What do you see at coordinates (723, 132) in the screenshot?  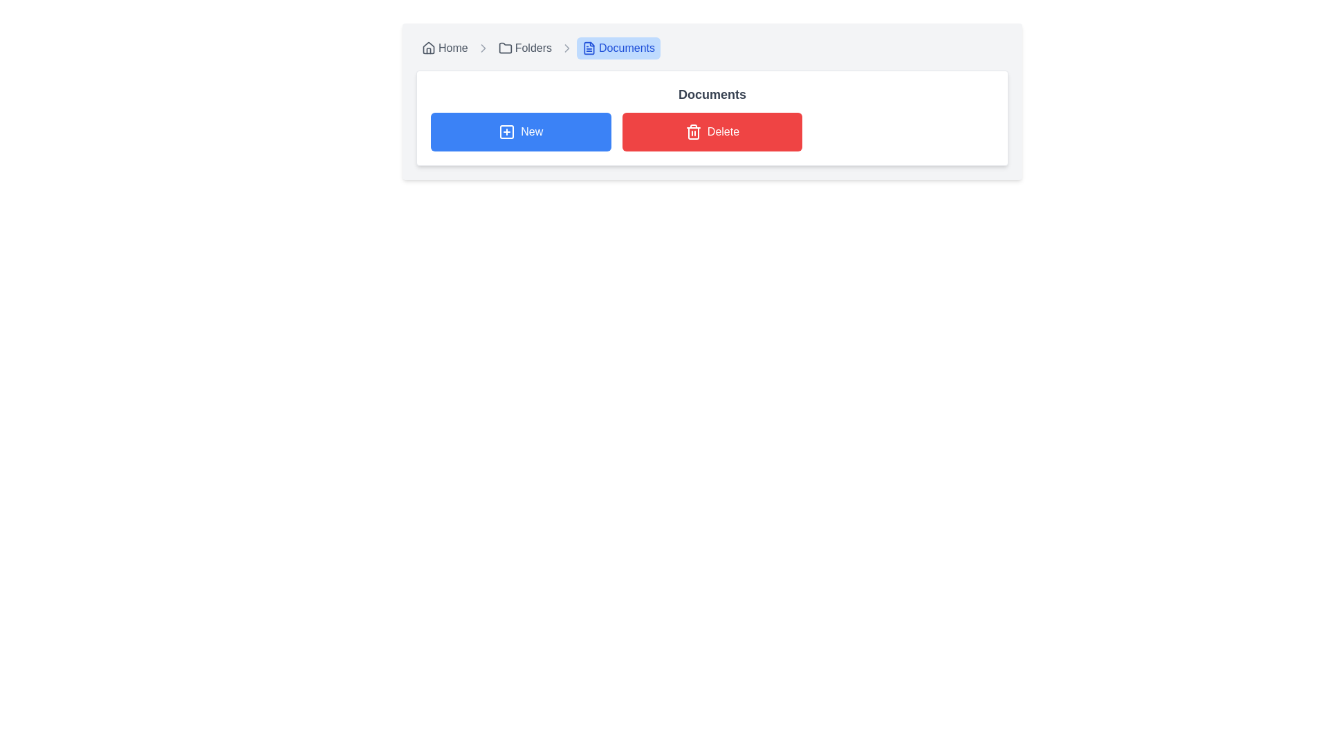 I see `the 'Delete' text label adjacent to the trash icon on the delete button` at bounding box center [723, 132].